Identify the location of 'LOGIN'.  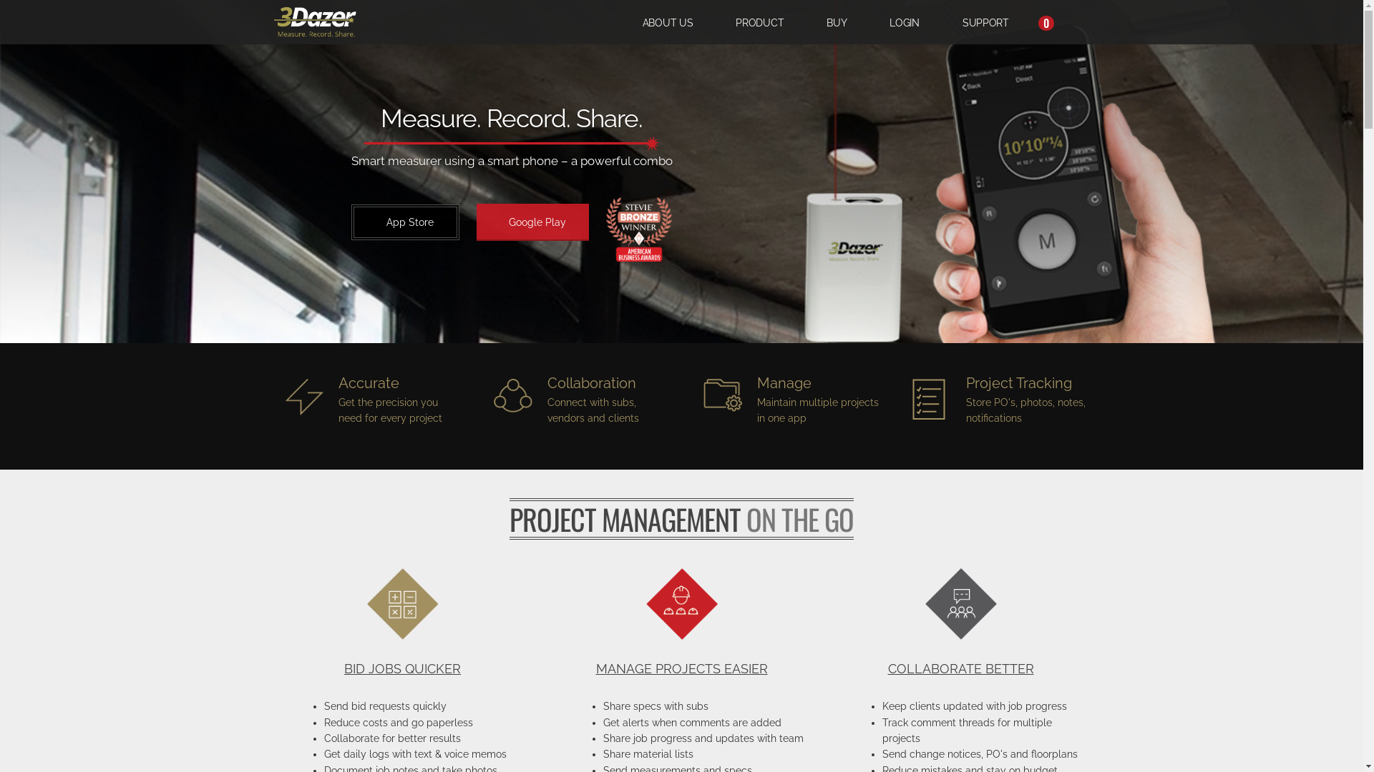
(903, 21).